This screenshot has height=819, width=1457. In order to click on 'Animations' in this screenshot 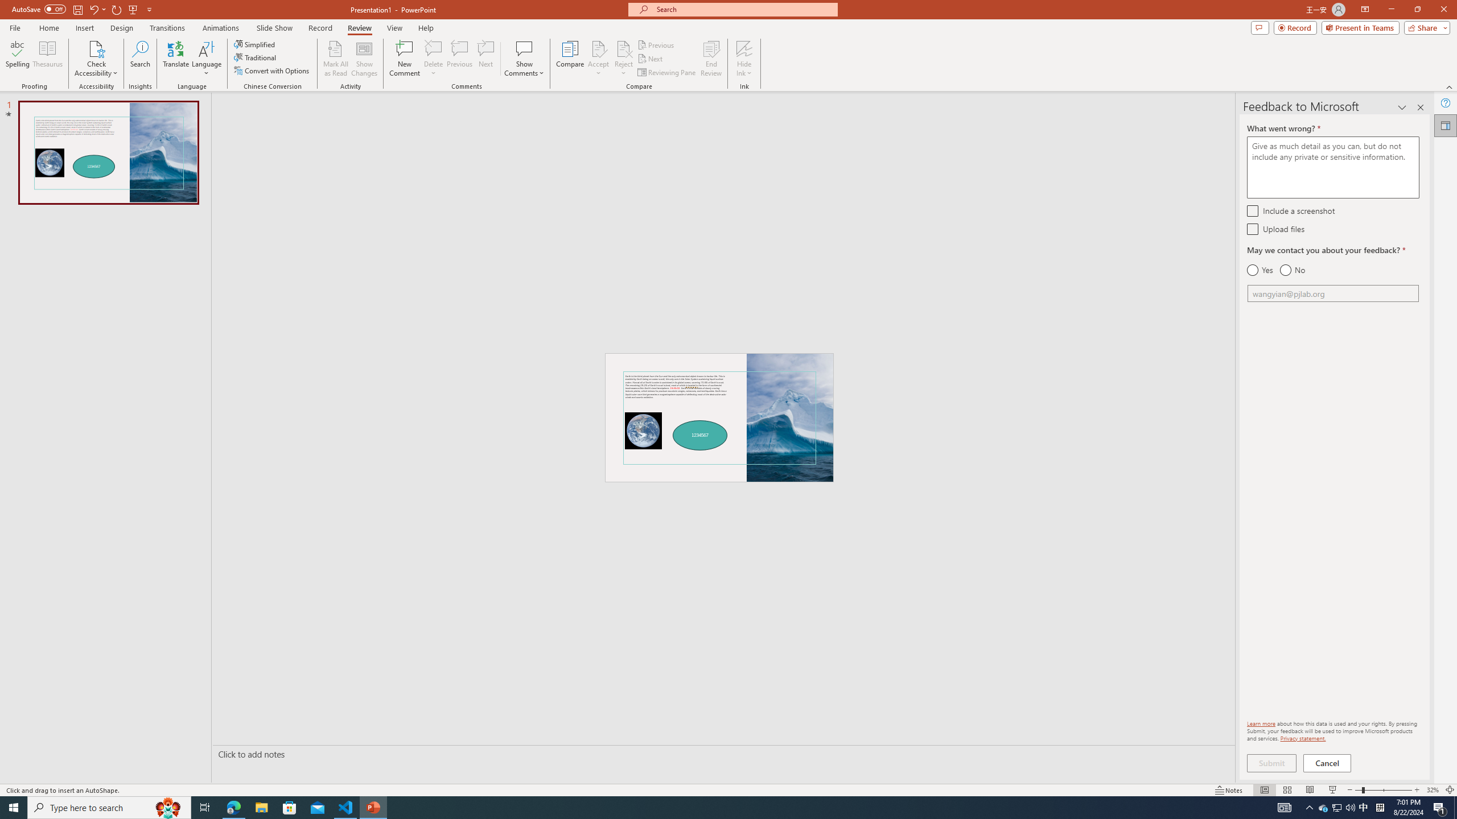, I will do `click(220, 28)`.